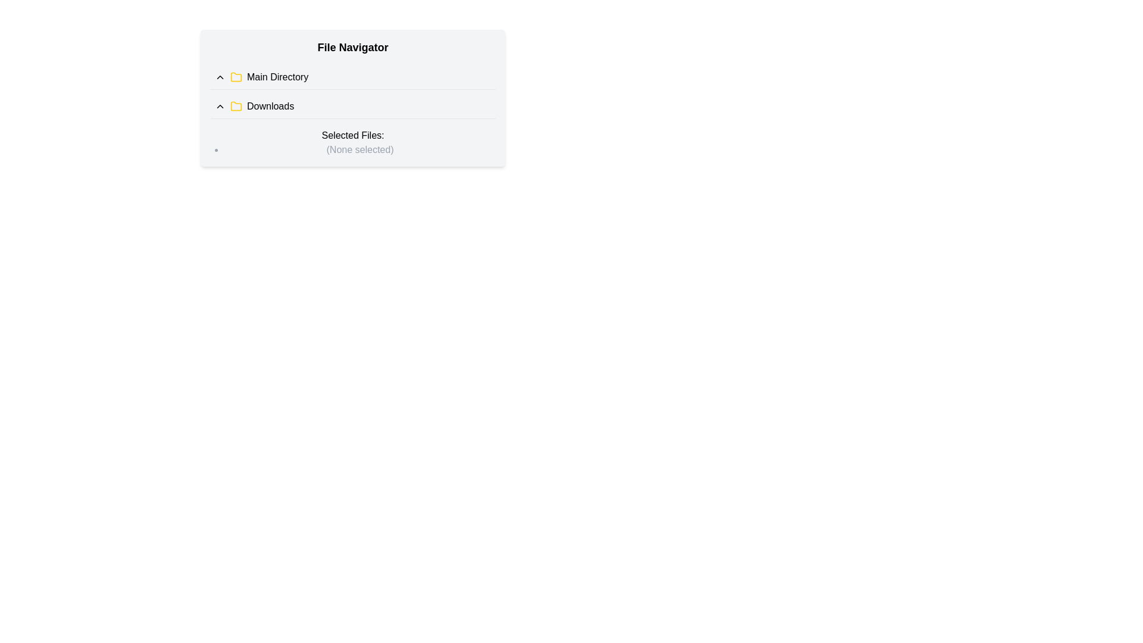  I want to click on the text label reading 'Selected Files:' which serves as a header in the file selection interface, so click(352, 135).